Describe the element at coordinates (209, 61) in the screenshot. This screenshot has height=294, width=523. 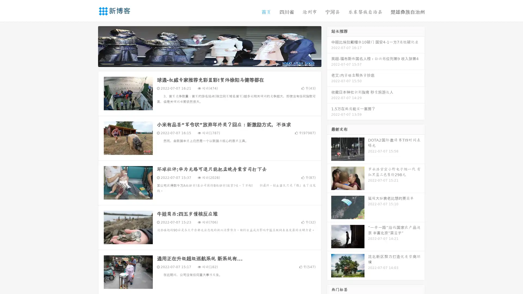
I see `Go to slide 2` at that location.